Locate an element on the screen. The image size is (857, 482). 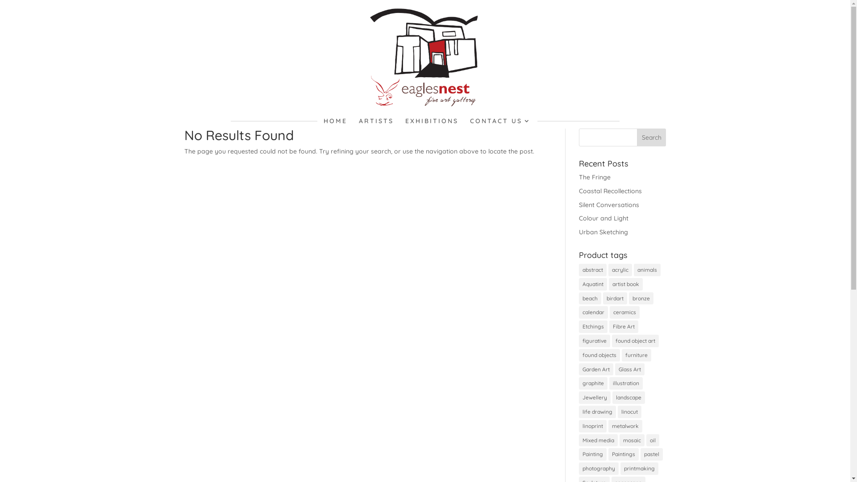
'furniture' is located at coordinates (636, 354).